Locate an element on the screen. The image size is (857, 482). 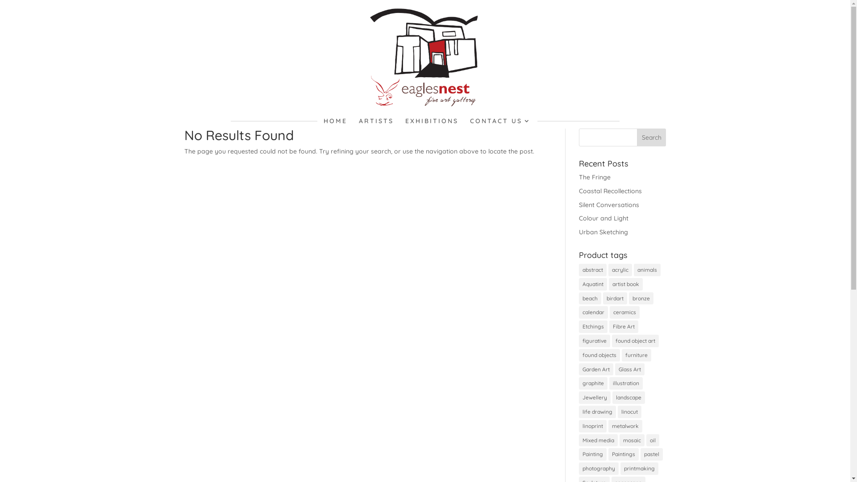
'furniture' is located at coordinates (636, 354).